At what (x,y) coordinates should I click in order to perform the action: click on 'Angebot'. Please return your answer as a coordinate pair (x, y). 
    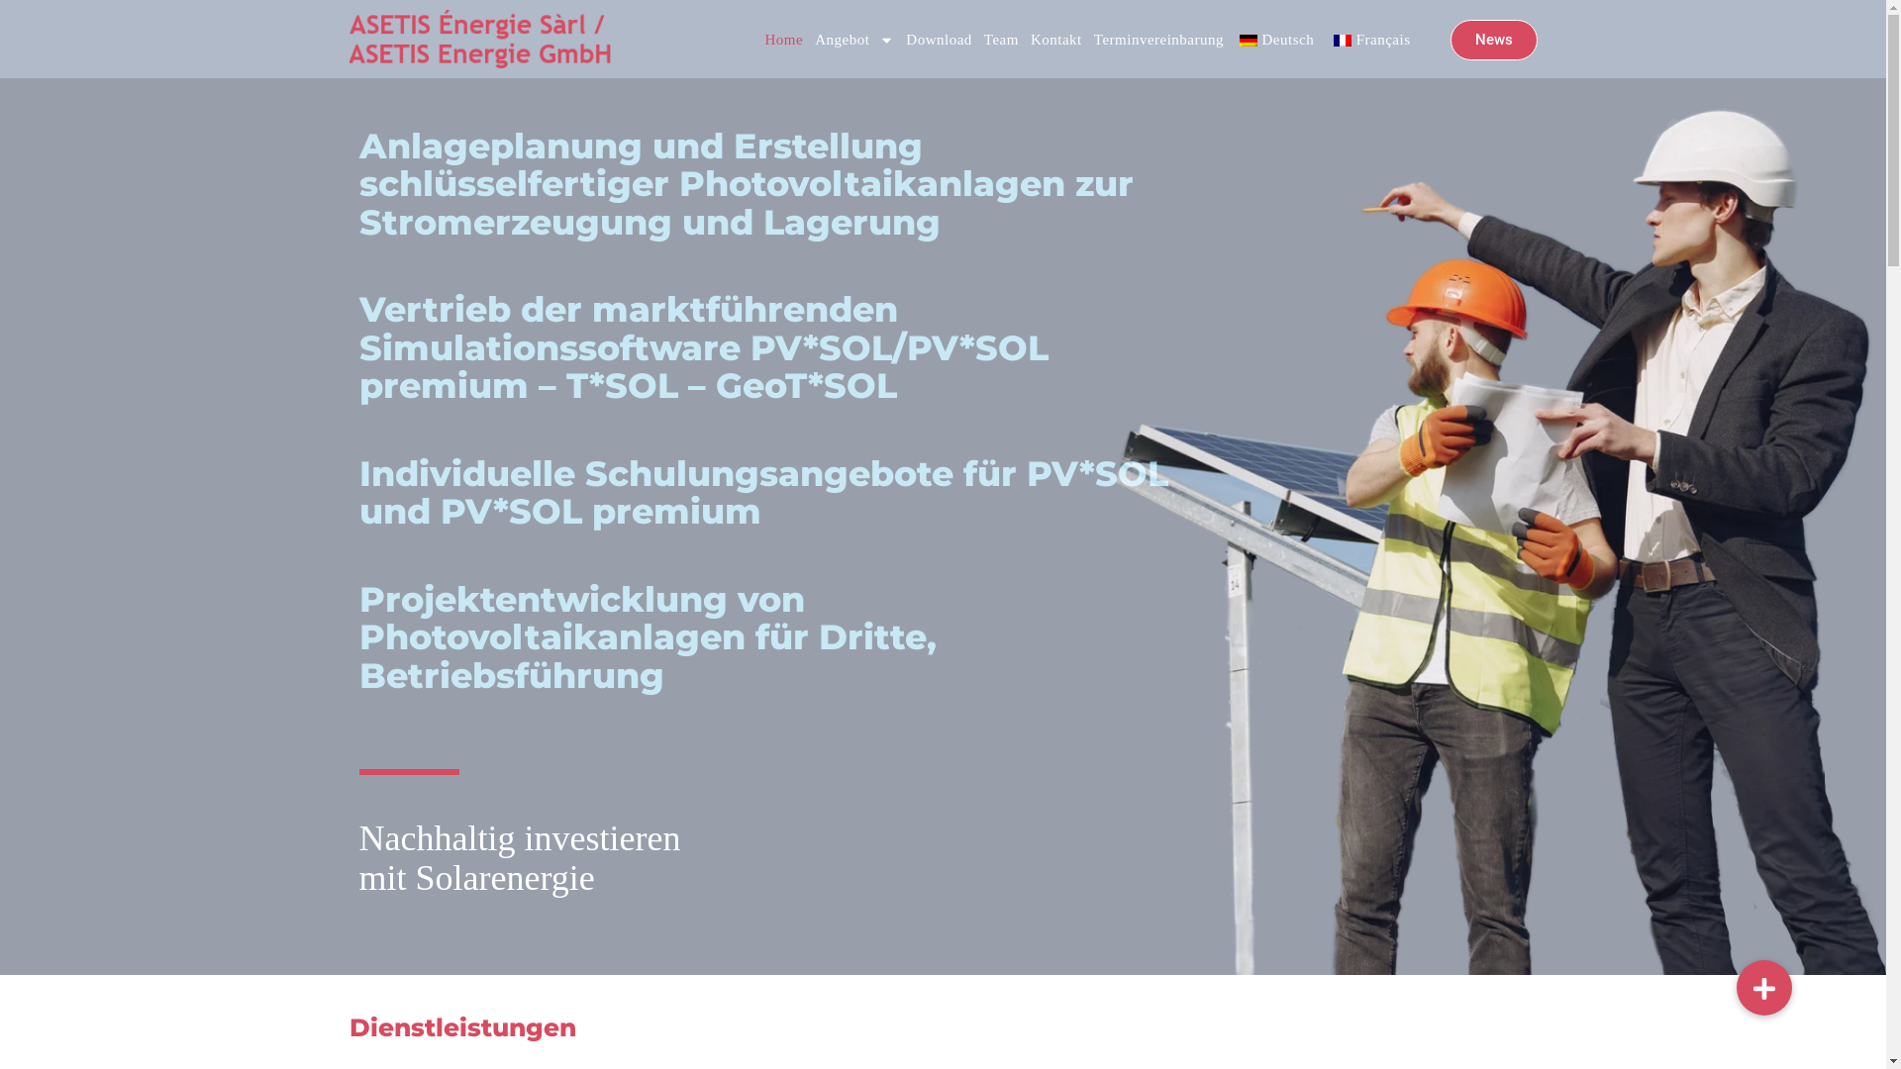
    Looking at the image, I should click on (854, 40).